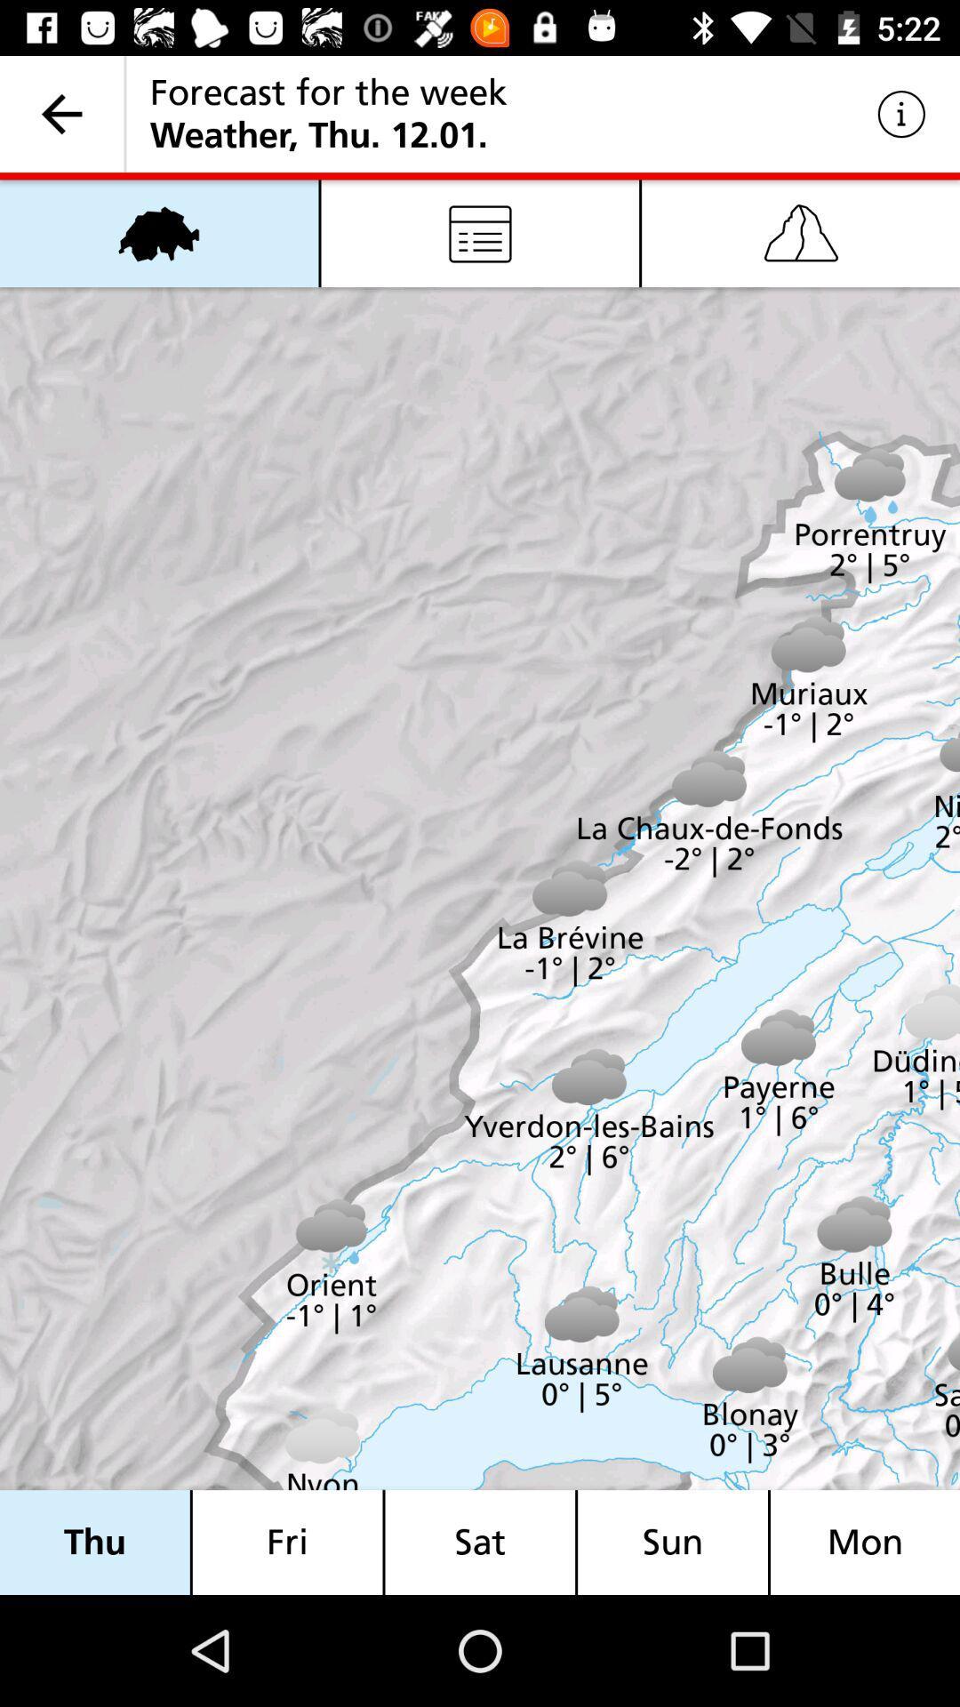 Image resolution: width=960 pixels, height=1707 pixels. Describe the element at coordinates (673, 1542) in the screenshot. I see `item next to the sat` at that location.